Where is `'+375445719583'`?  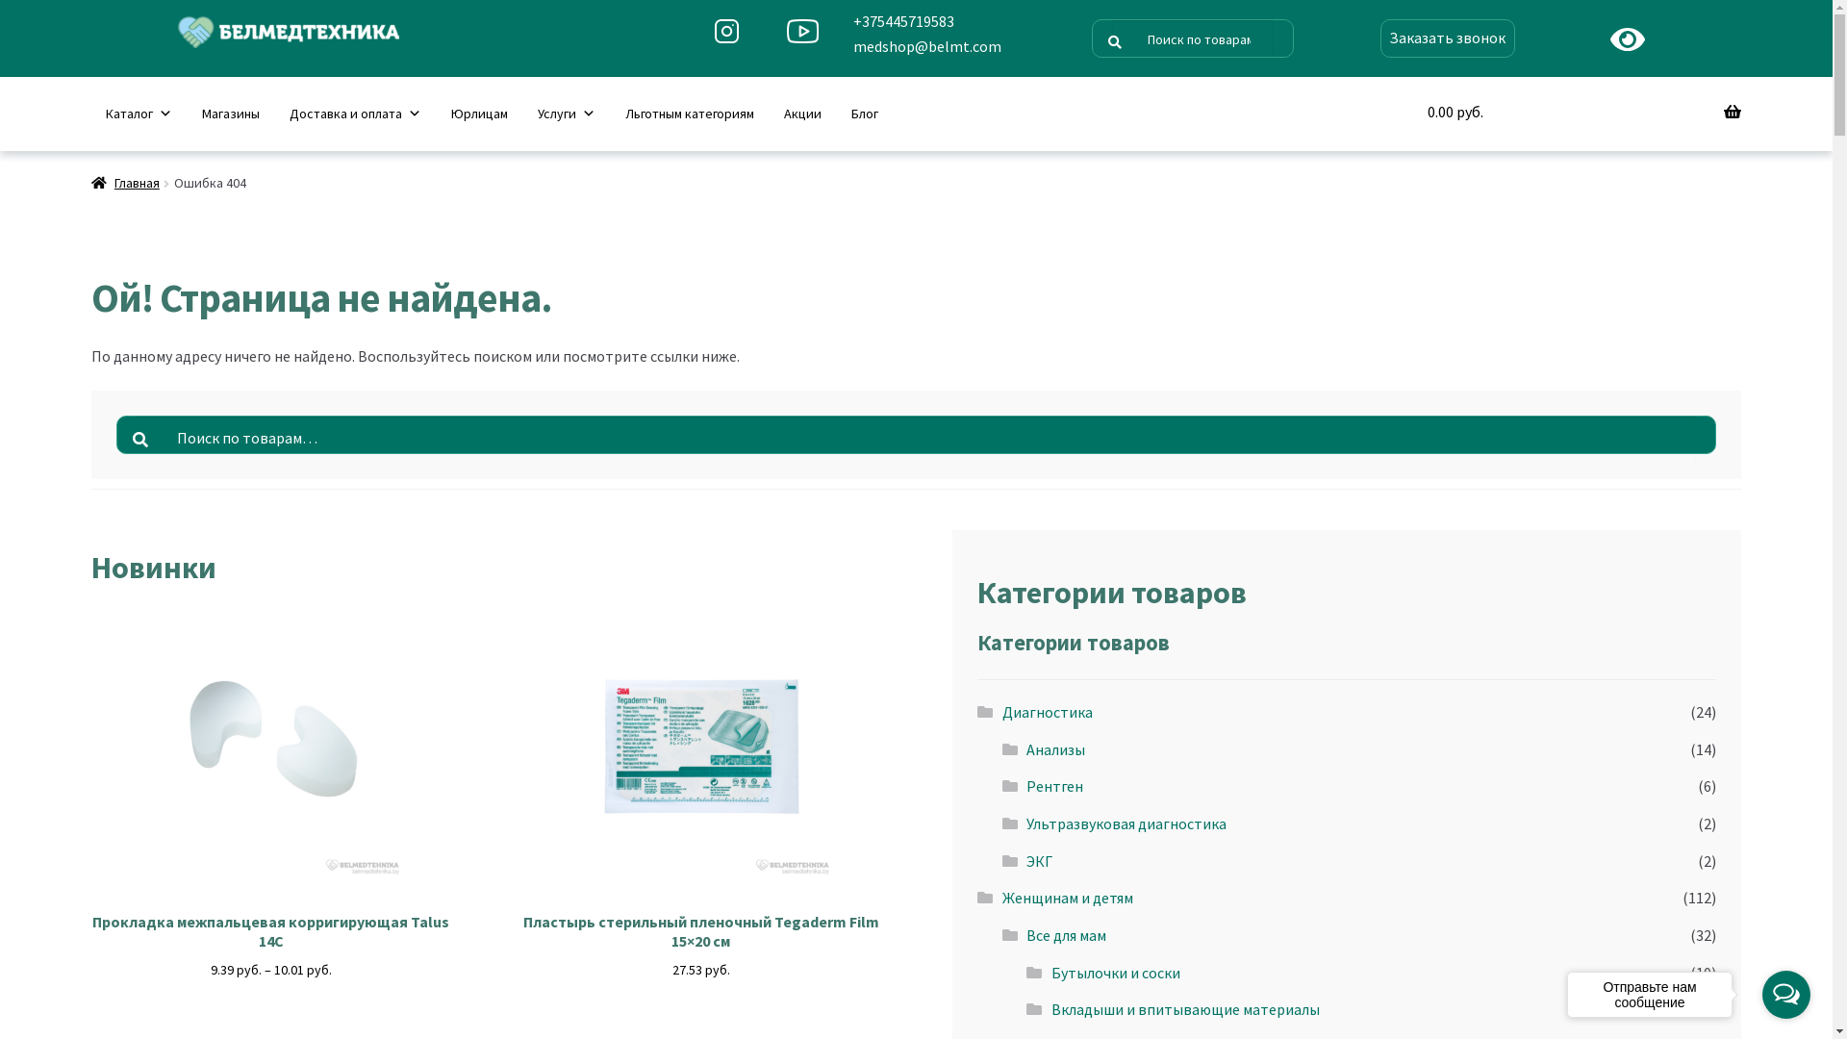
'+375445719583' is located at coordinates (852, 22).